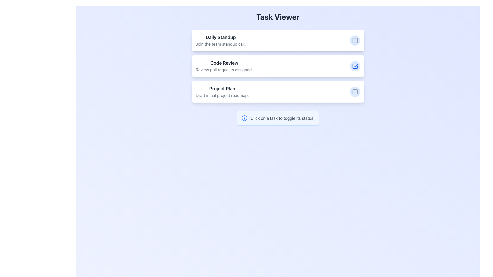  I want to click on the checkmark icon located in the top-right corner of the 'Code Review' task's checkbox in the middle row of the task list, so click(356, 65).